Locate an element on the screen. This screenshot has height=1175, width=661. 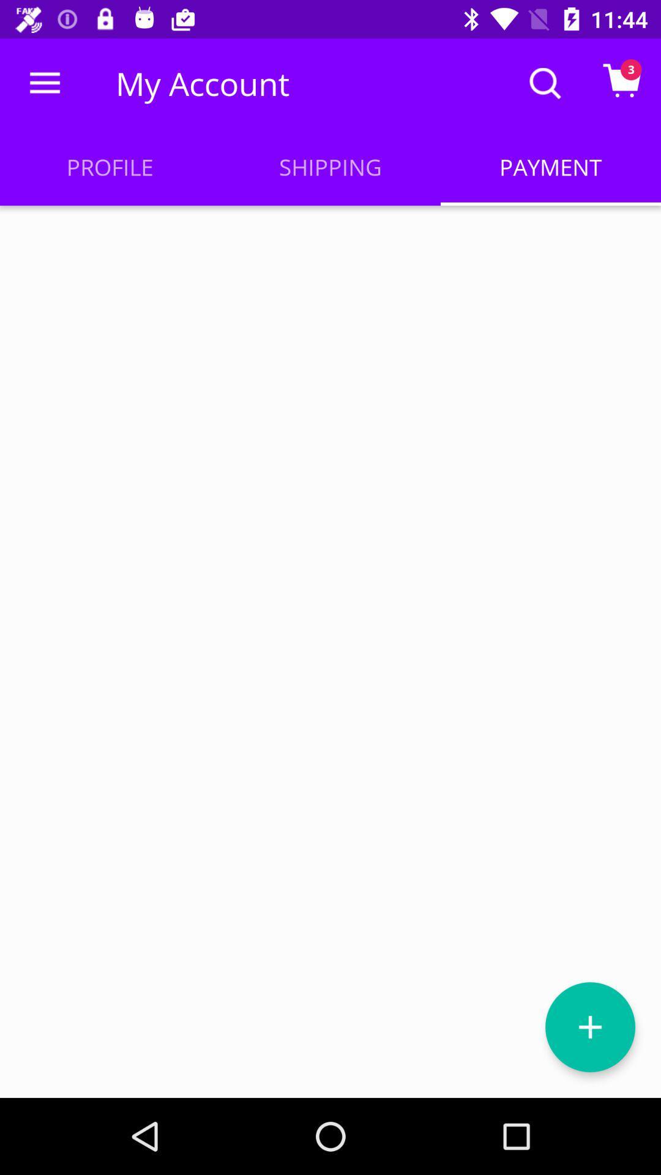
the plus symbol button which is at the bottom right of the page is located at coordinates (589, 1027).